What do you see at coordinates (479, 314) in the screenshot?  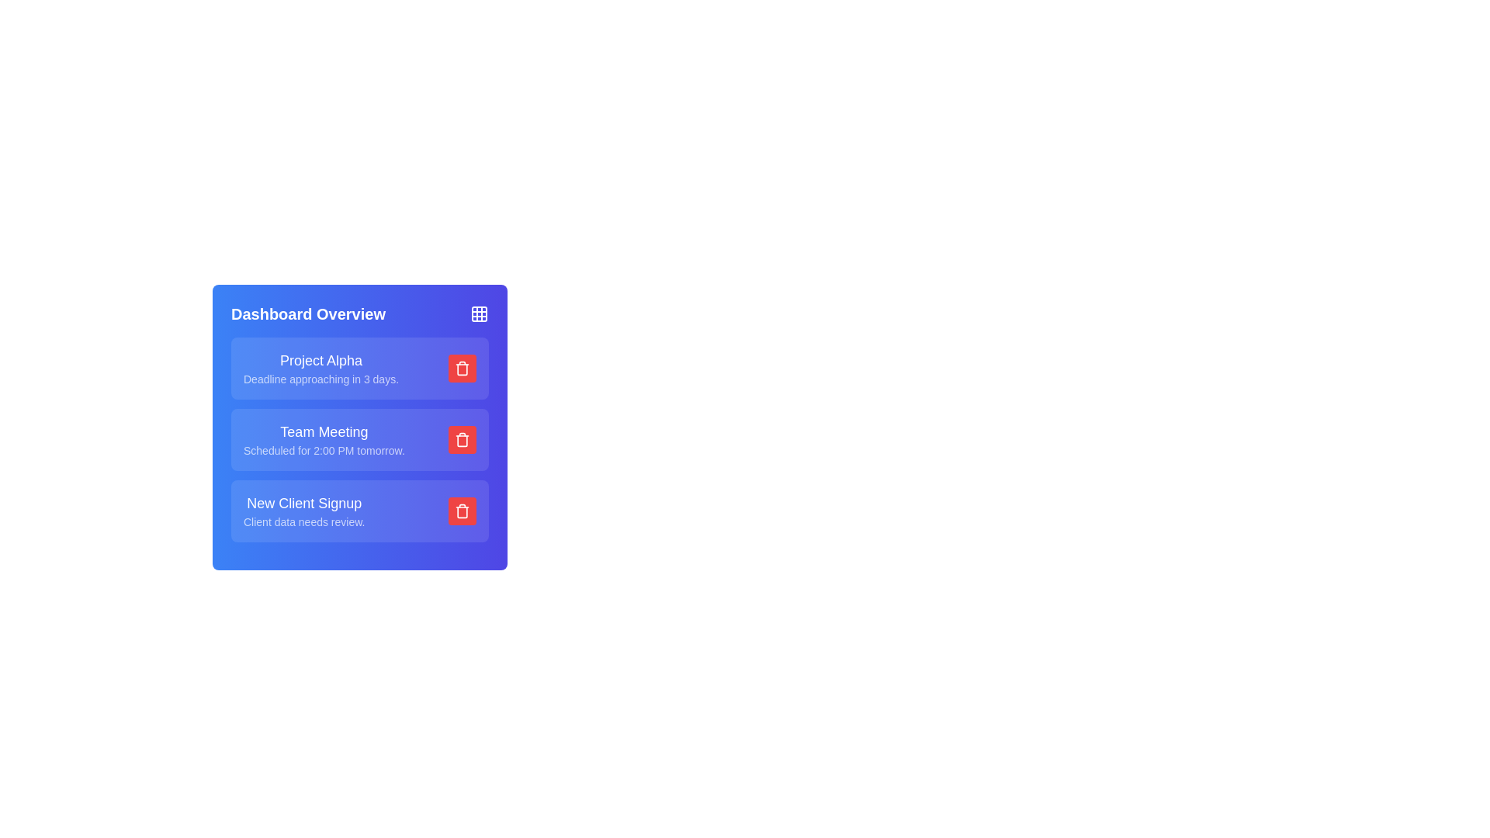 I see `the grid icon located in the upper-right corner of the 'Dashboard Overview' section` at bounding box center [479, 314].